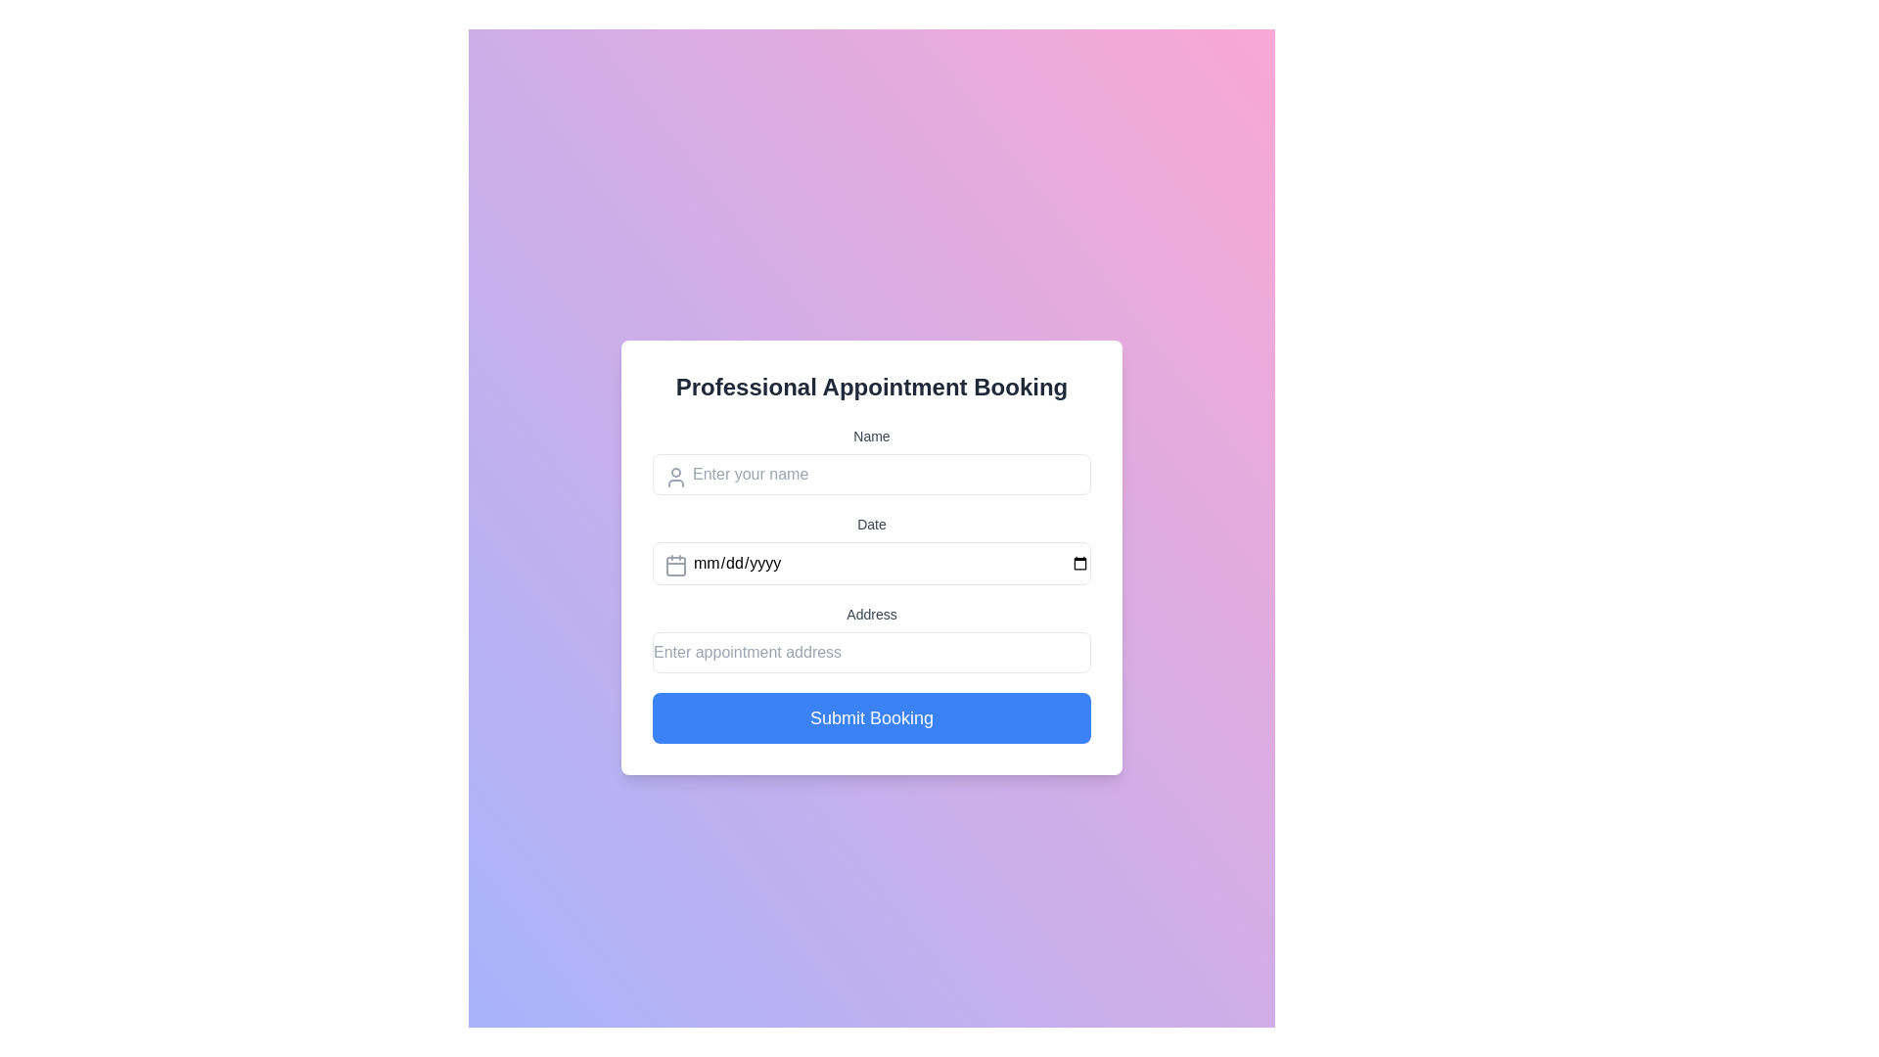 The width and height of the screenshot is (1879, 1057). Describe the element at coordinates (871, 563) in the screenshot. I see `a date from the calendar by clicking on the date picker input field styled with a placeholder text of 'mm/dd/yyyy', located below the 'Date' label in the 'Professional Appointment Booking' form` at that location.